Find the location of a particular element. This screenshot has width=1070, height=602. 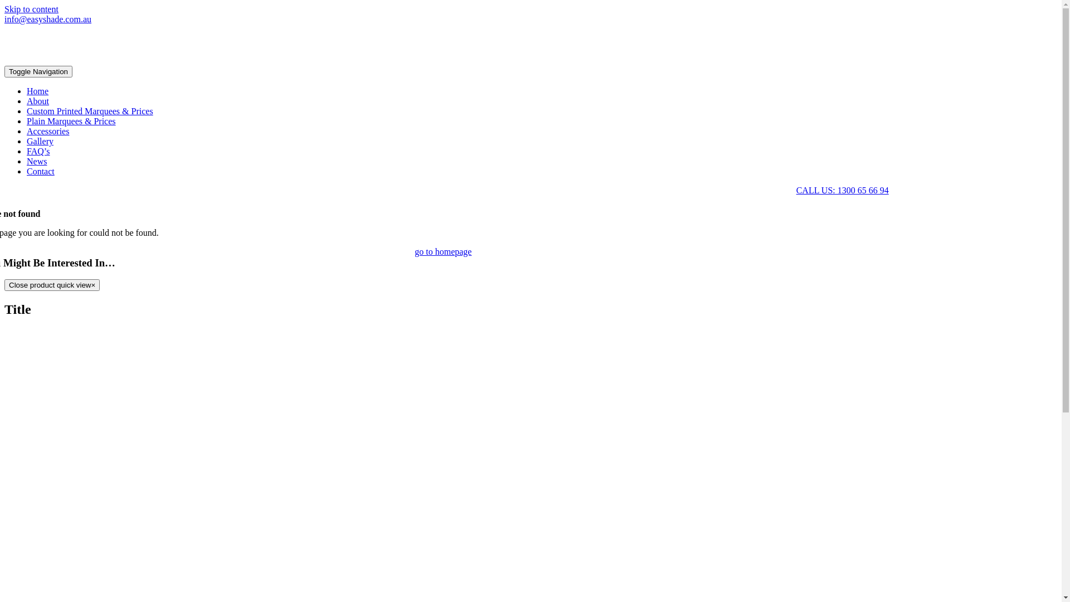

'info@easyshade.com.au' is located at coordinates (47, 19).